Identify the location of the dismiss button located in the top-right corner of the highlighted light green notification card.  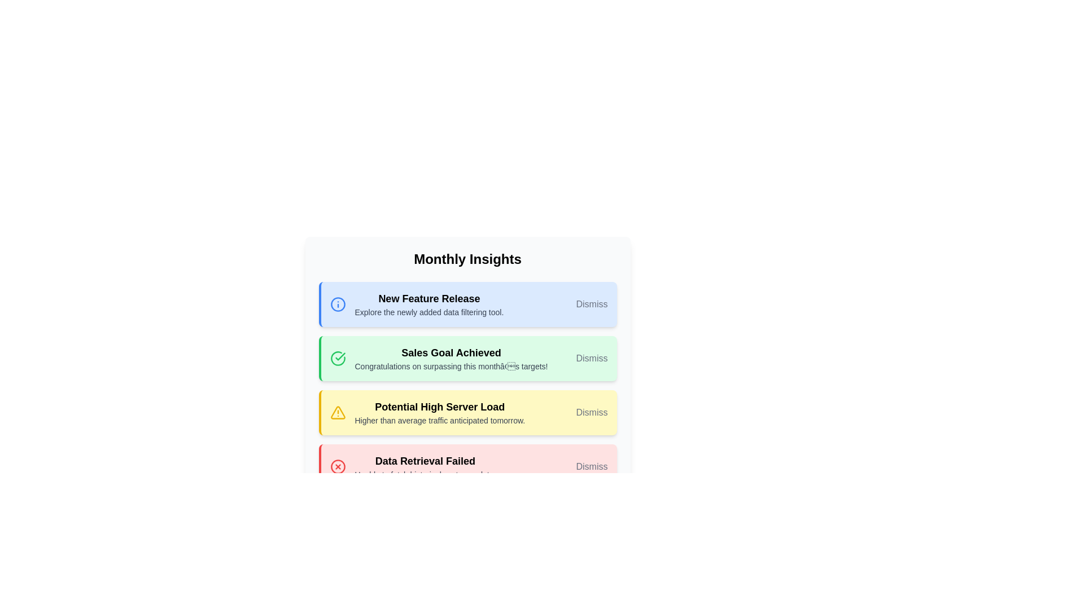
(591, 359).